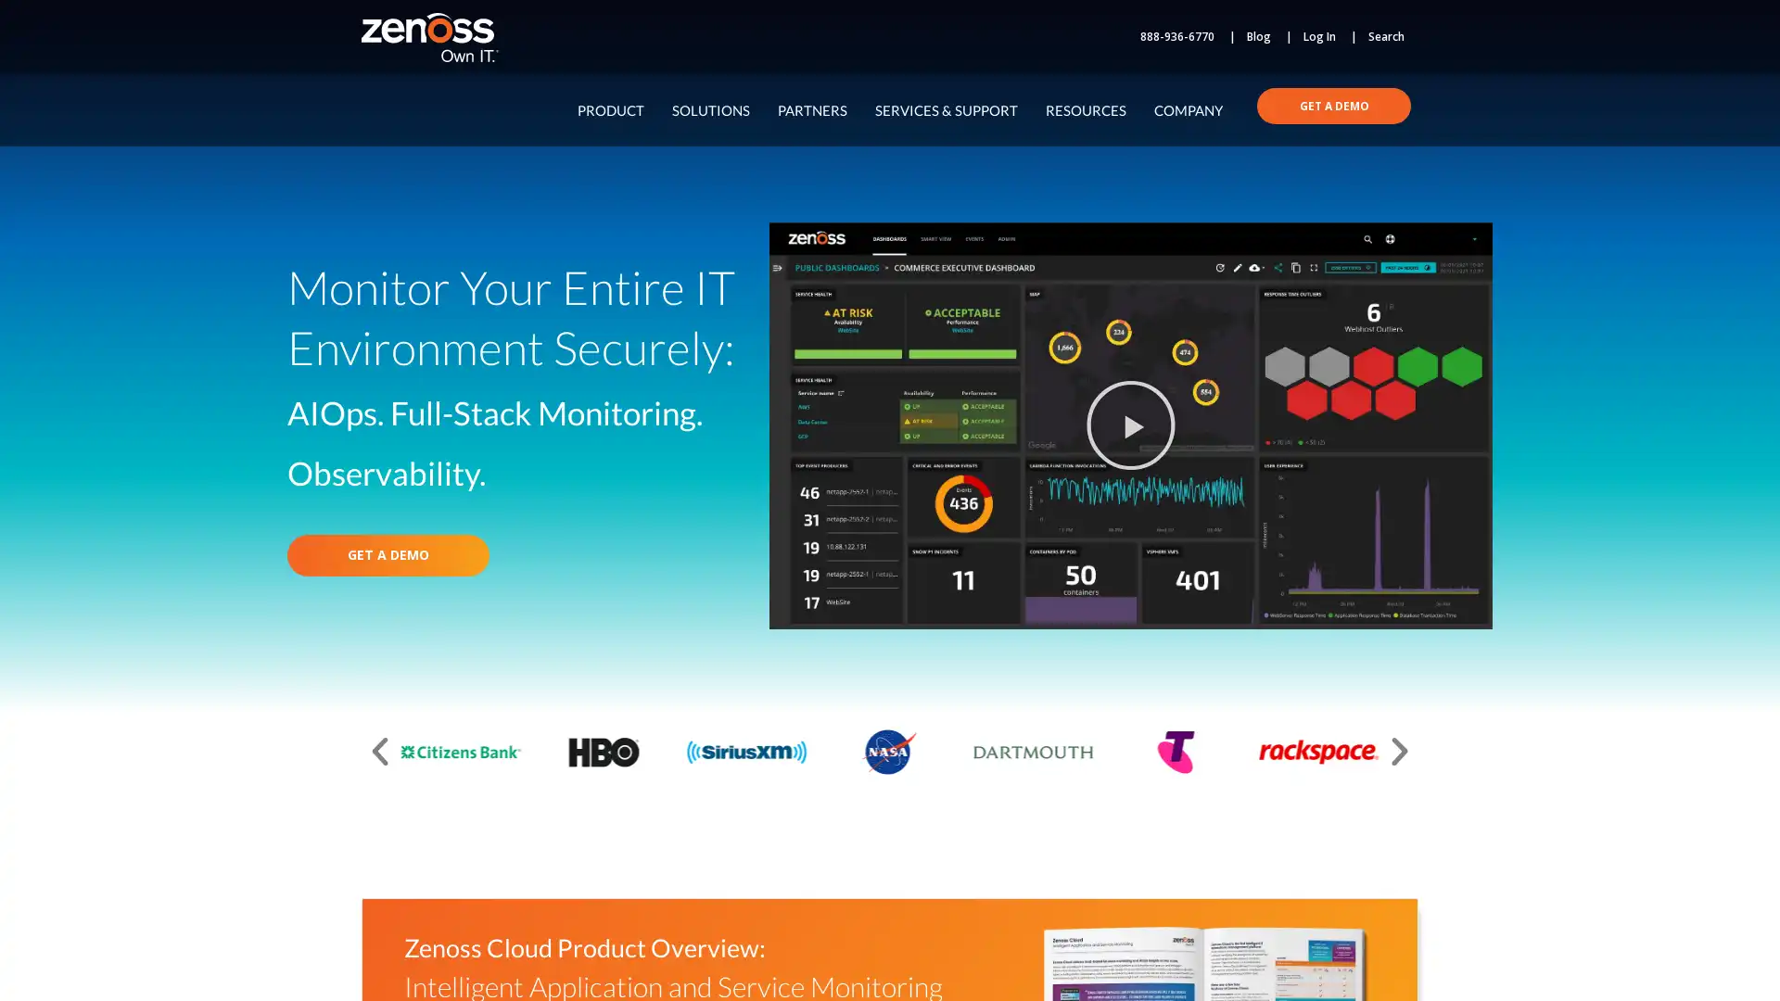 The height and width of the screenshot is (1001, 1780). Describe the element at coordinates (378, 751) in the screenshot. I see `Previous slide` at that location.